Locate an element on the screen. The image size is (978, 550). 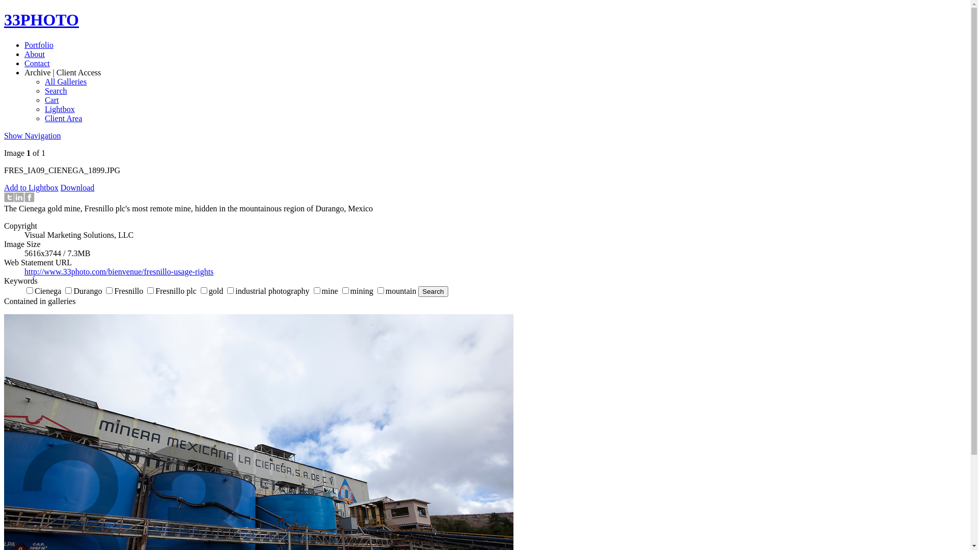
'http://www.33photo.com/bienvenue/fresnillo-usage-rights' is located at coordinates (119, 271).